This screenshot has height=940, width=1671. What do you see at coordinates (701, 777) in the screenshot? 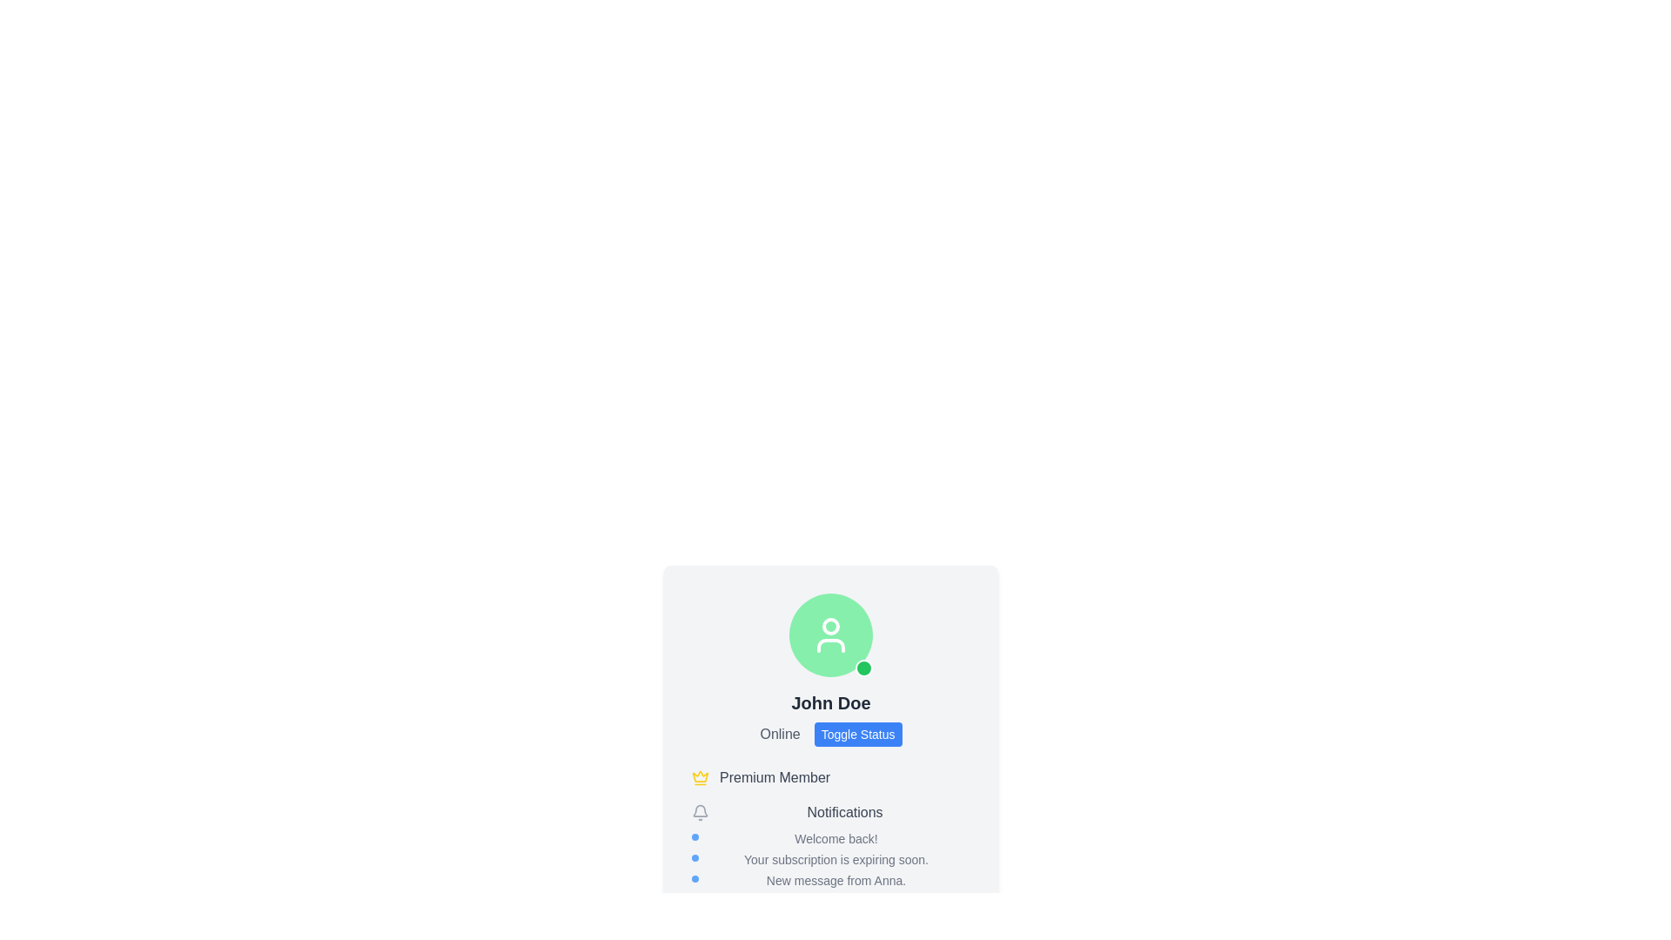
I see `the yellow crown icon representing premium status, located to the left of the 'Premium Member' text` at bounding box center [701, 777].